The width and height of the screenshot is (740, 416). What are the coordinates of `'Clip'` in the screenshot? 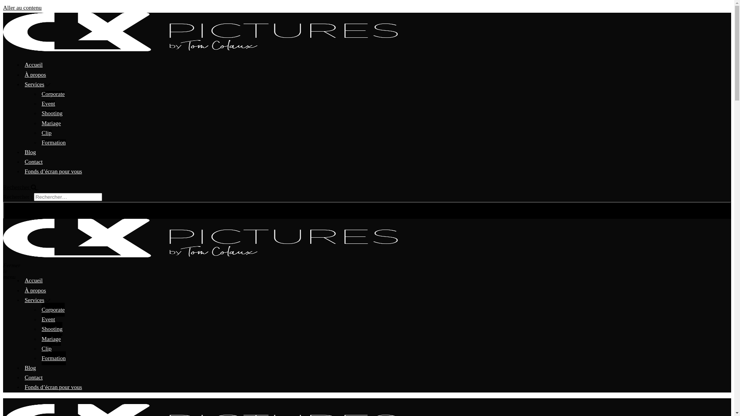 It's located at (46, 132).